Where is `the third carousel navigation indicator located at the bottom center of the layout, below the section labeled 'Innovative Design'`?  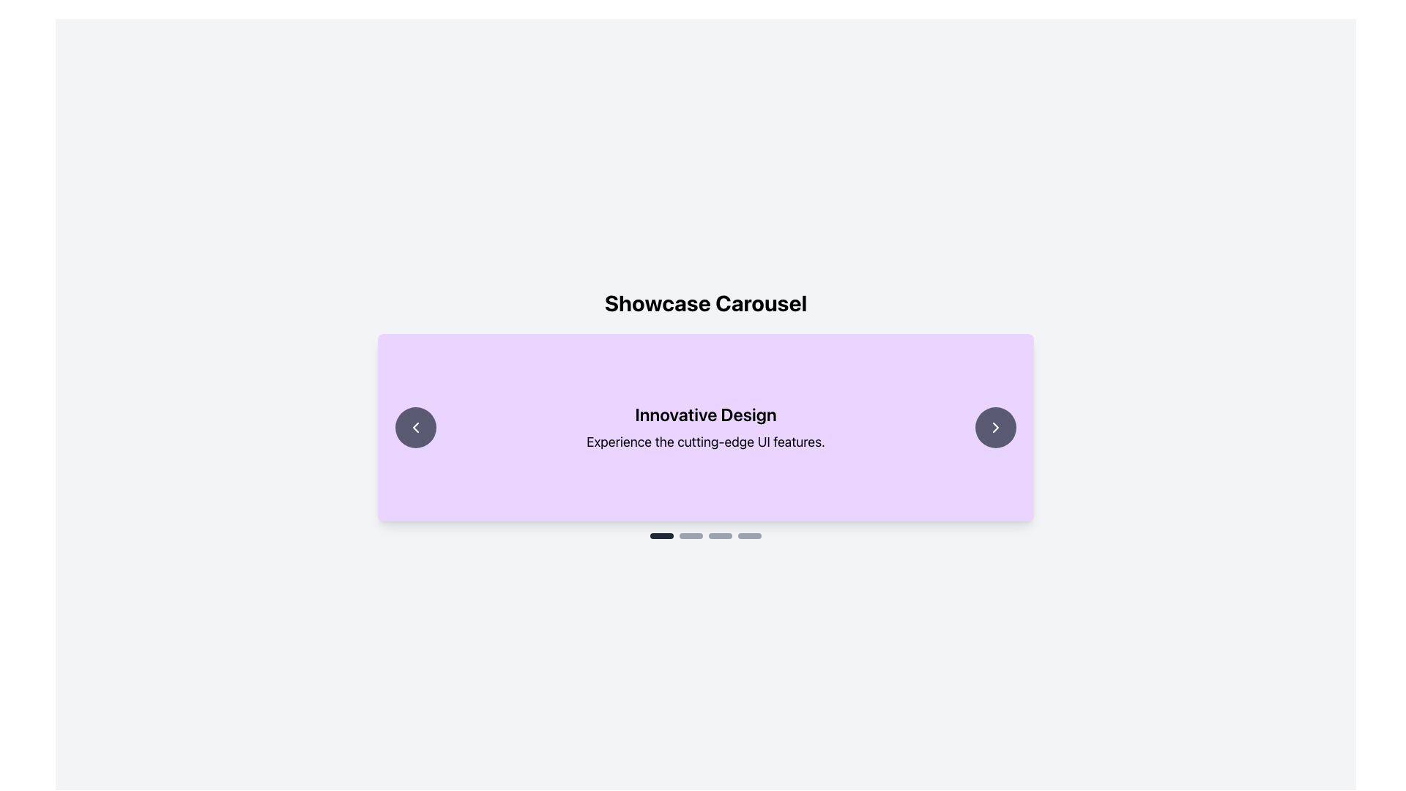 the third carousel navigation indicator located at the bottom center of the layout, below the section labeled 'Innovative Design' is located at coordinates (720, 536).